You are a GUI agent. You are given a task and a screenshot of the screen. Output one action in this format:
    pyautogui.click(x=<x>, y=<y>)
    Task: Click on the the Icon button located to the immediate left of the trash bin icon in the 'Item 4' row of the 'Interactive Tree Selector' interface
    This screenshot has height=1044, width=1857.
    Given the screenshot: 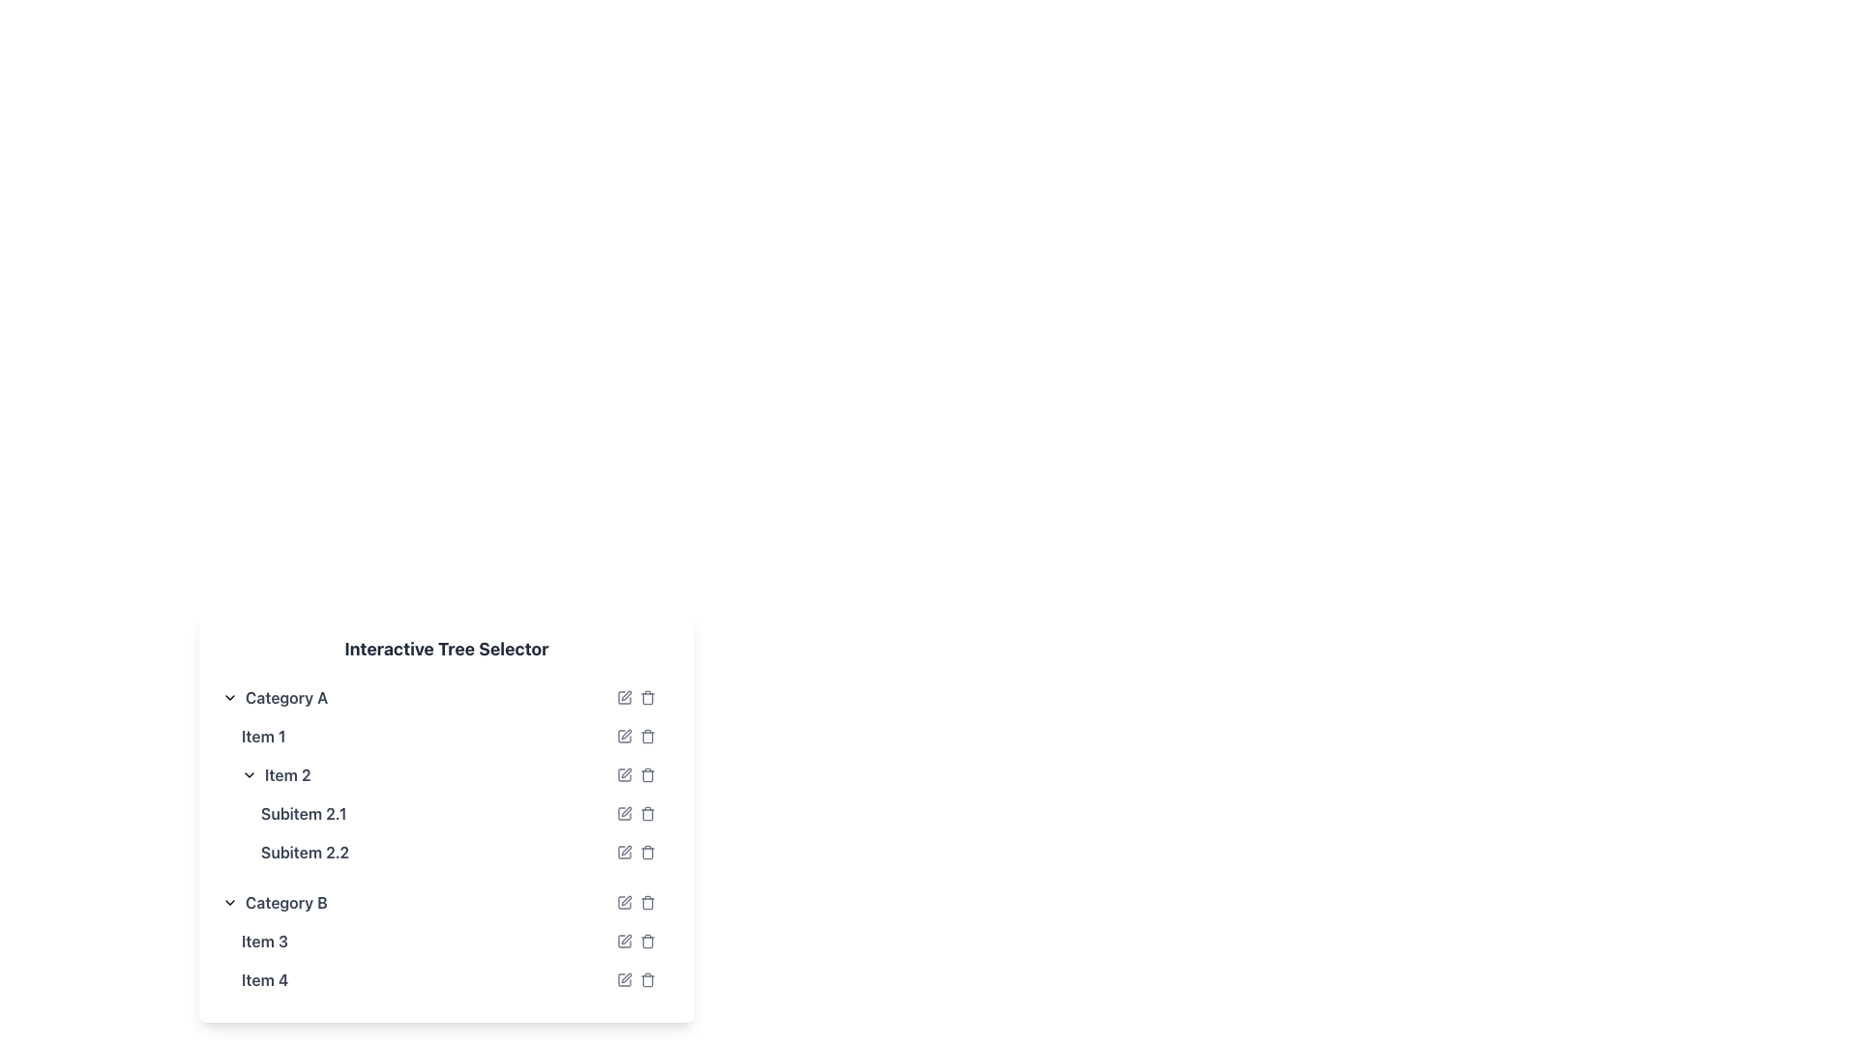 What is the action you would take?
    pyautogui.click(x=627, y=977)
    